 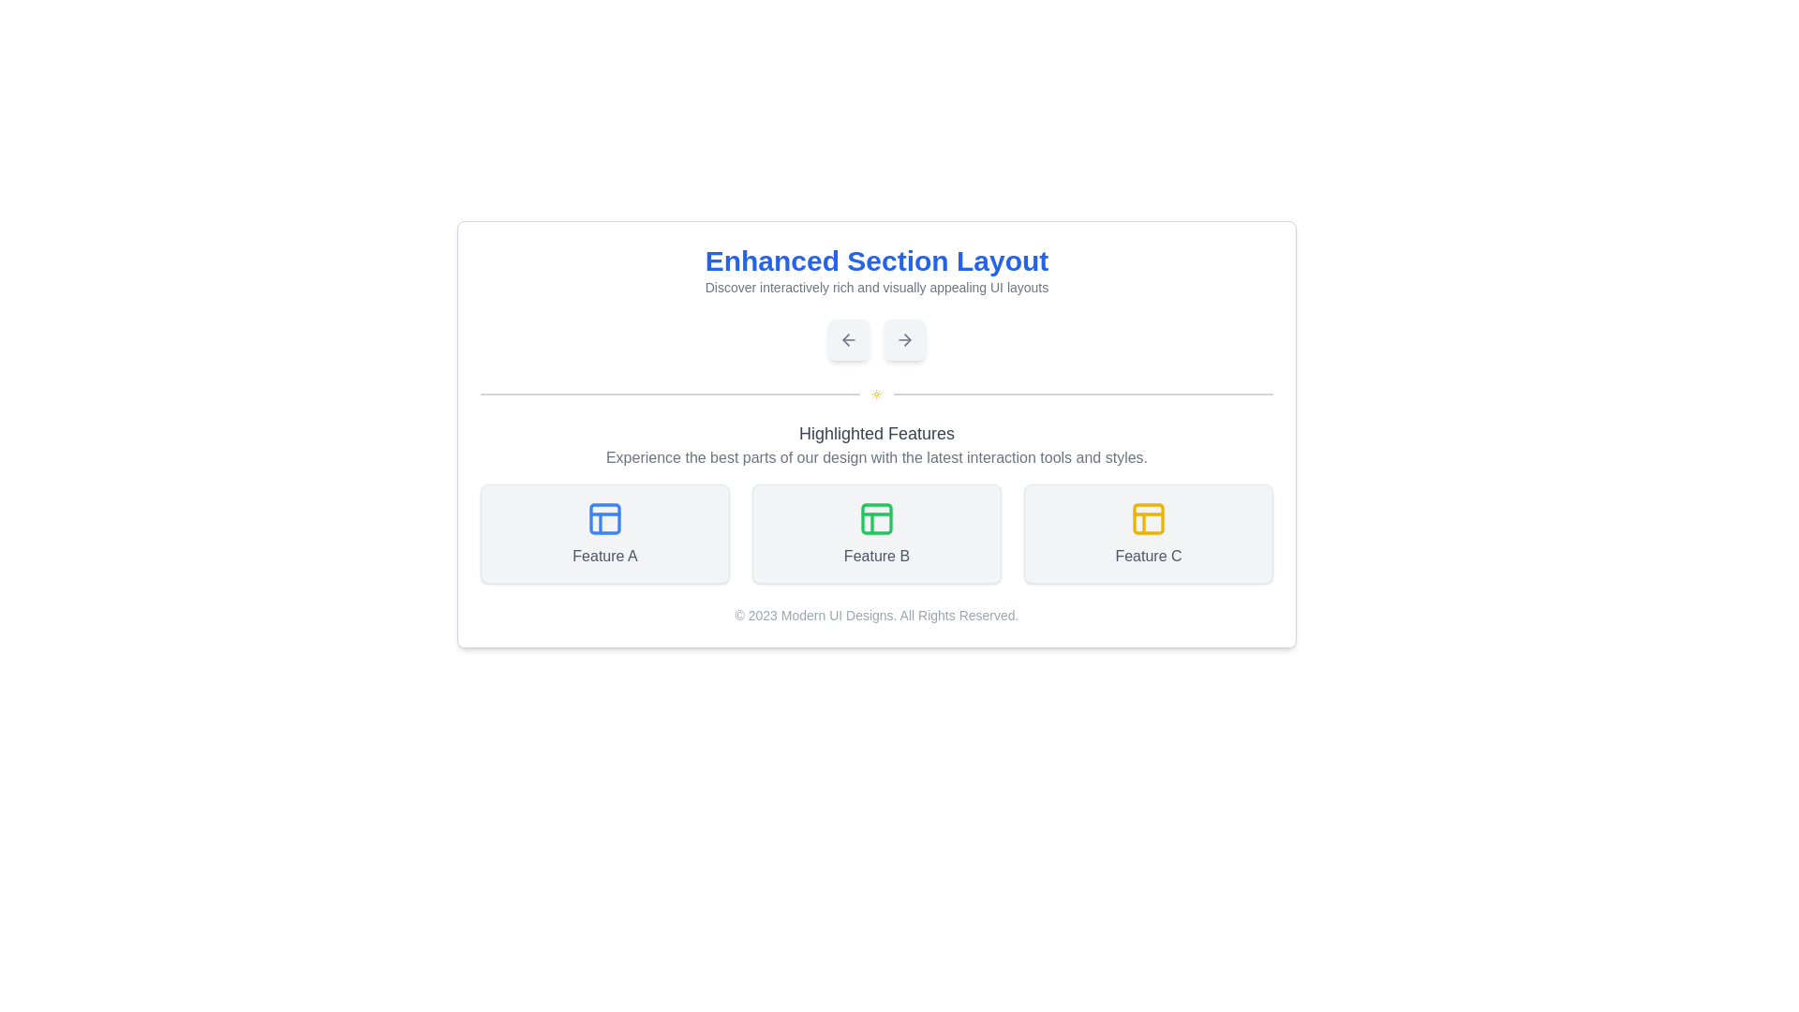 I want to click on the circular sun-like icon with radiating lines, styled in bright yellow, located centrally above the highlighted features section, so click(x=876, y=393).